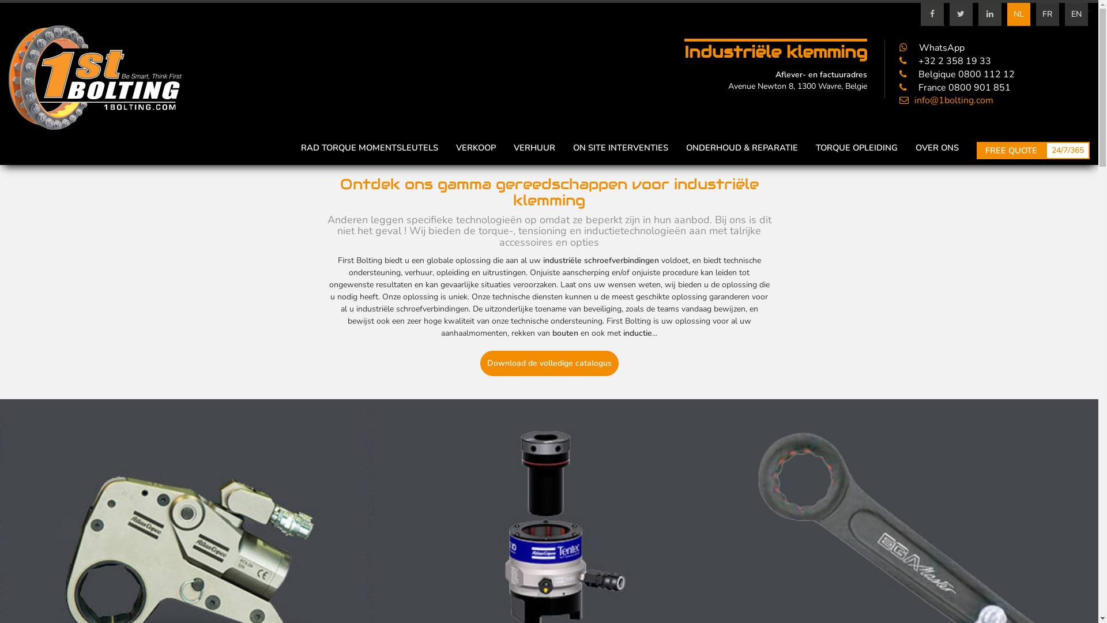 The height and width of the screenshot is (623, 1107). What do you see at coordinates (899, 99) in the screenshot?
I see `'info@1bolting.com'` at bounding box center [899, 99].